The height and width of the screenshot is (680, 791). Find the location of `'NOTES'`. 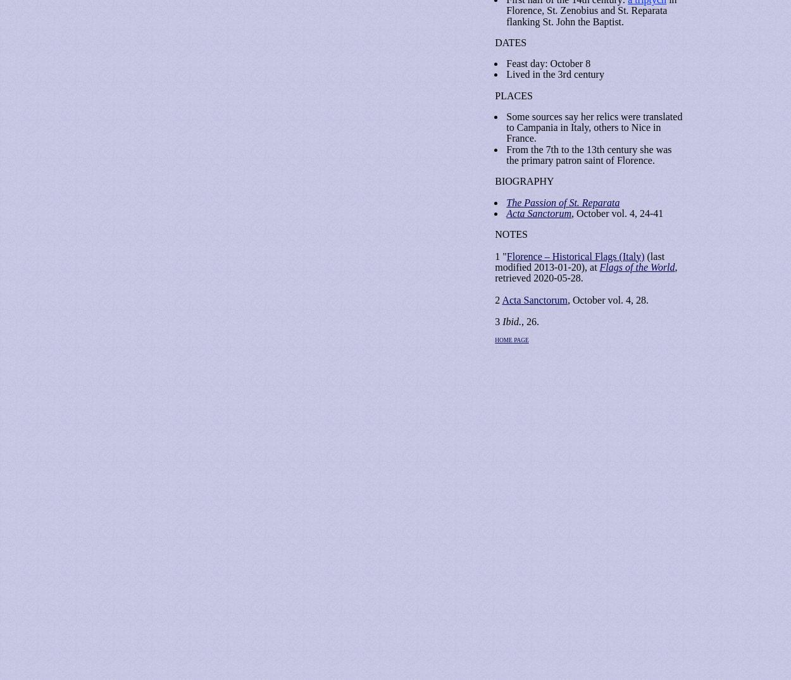

'NOTES' is located at coordinates (511, 234).